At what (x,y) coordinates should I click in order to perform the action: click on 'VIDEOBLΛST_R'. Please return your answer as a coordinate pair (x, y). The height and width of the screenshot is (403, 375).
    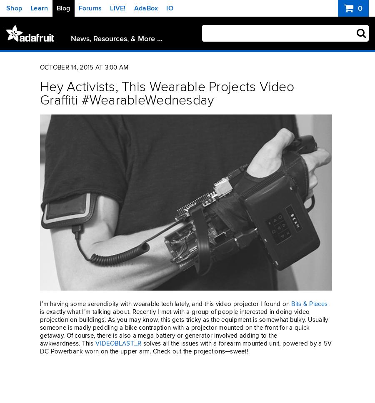
    Looking at the image, I should click on (118, 343).